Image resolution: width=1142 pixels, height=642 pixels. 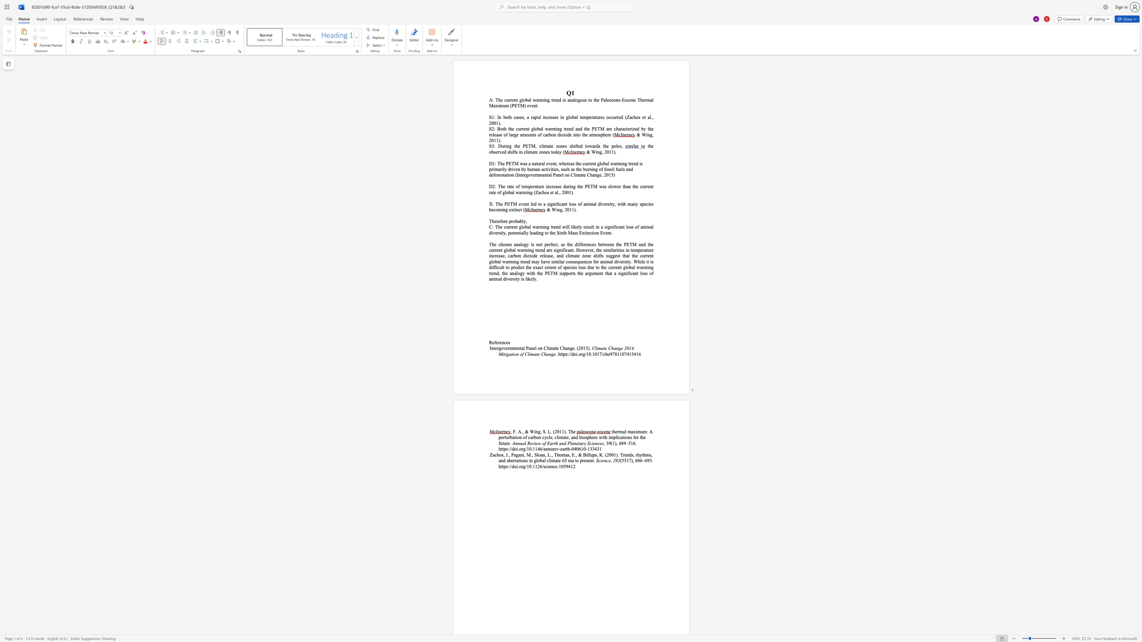 I want to click on the 3th character "e" in the text, so click(x=582, y=186).